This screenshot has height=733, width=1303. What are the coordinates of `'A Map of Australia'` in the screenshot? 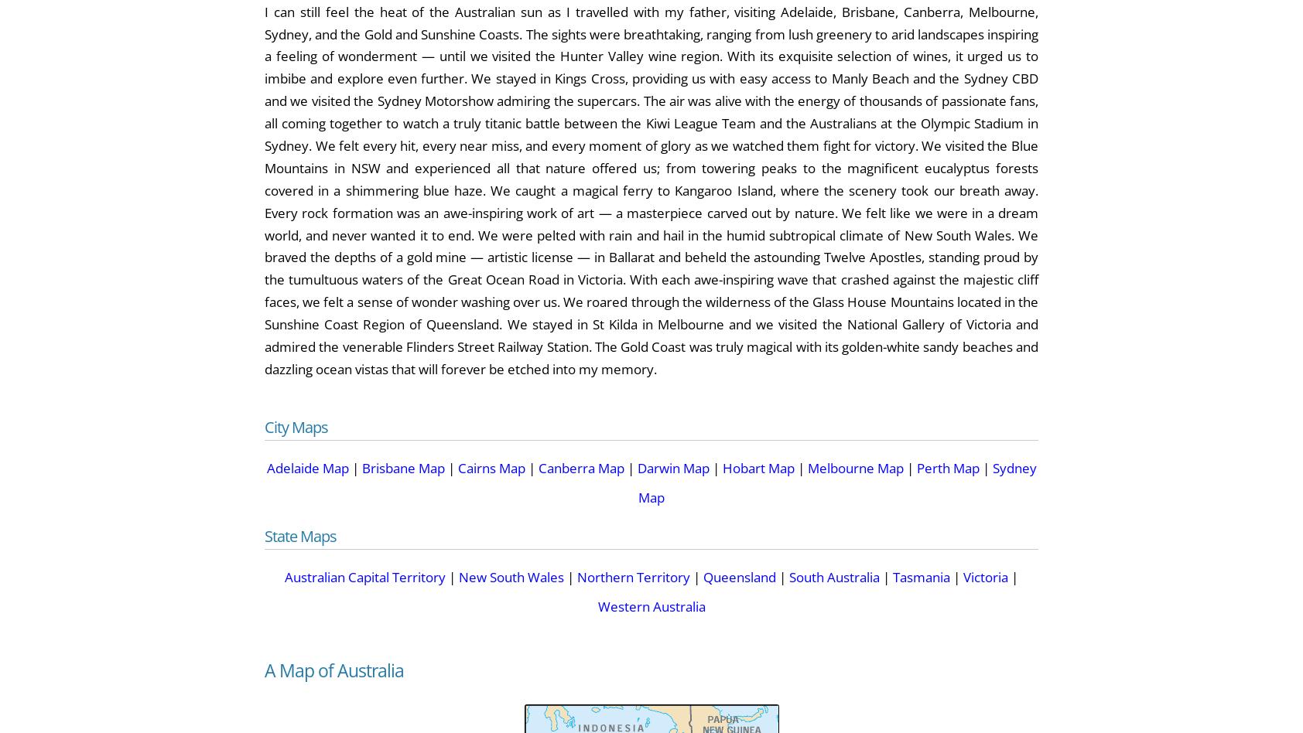 It's located at (333, 668).